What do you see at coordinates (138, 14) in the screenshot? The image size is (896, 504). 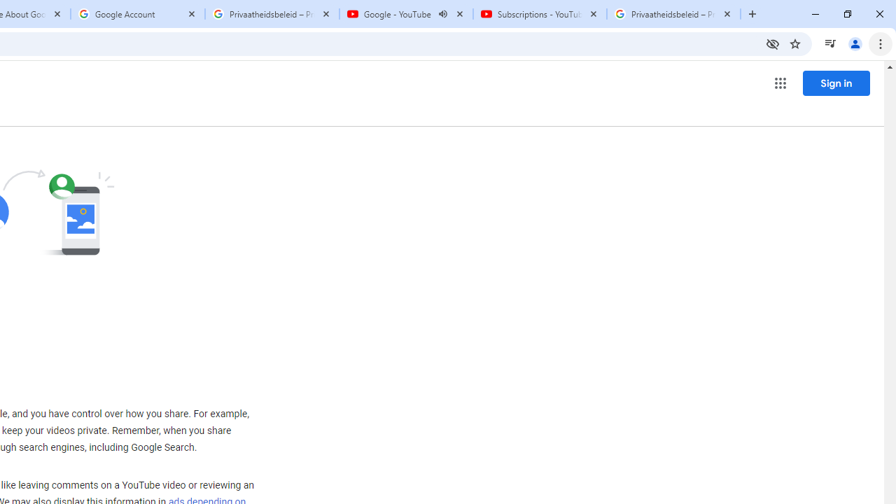 I see `'Google Account'` at bounding box center [138, 14].